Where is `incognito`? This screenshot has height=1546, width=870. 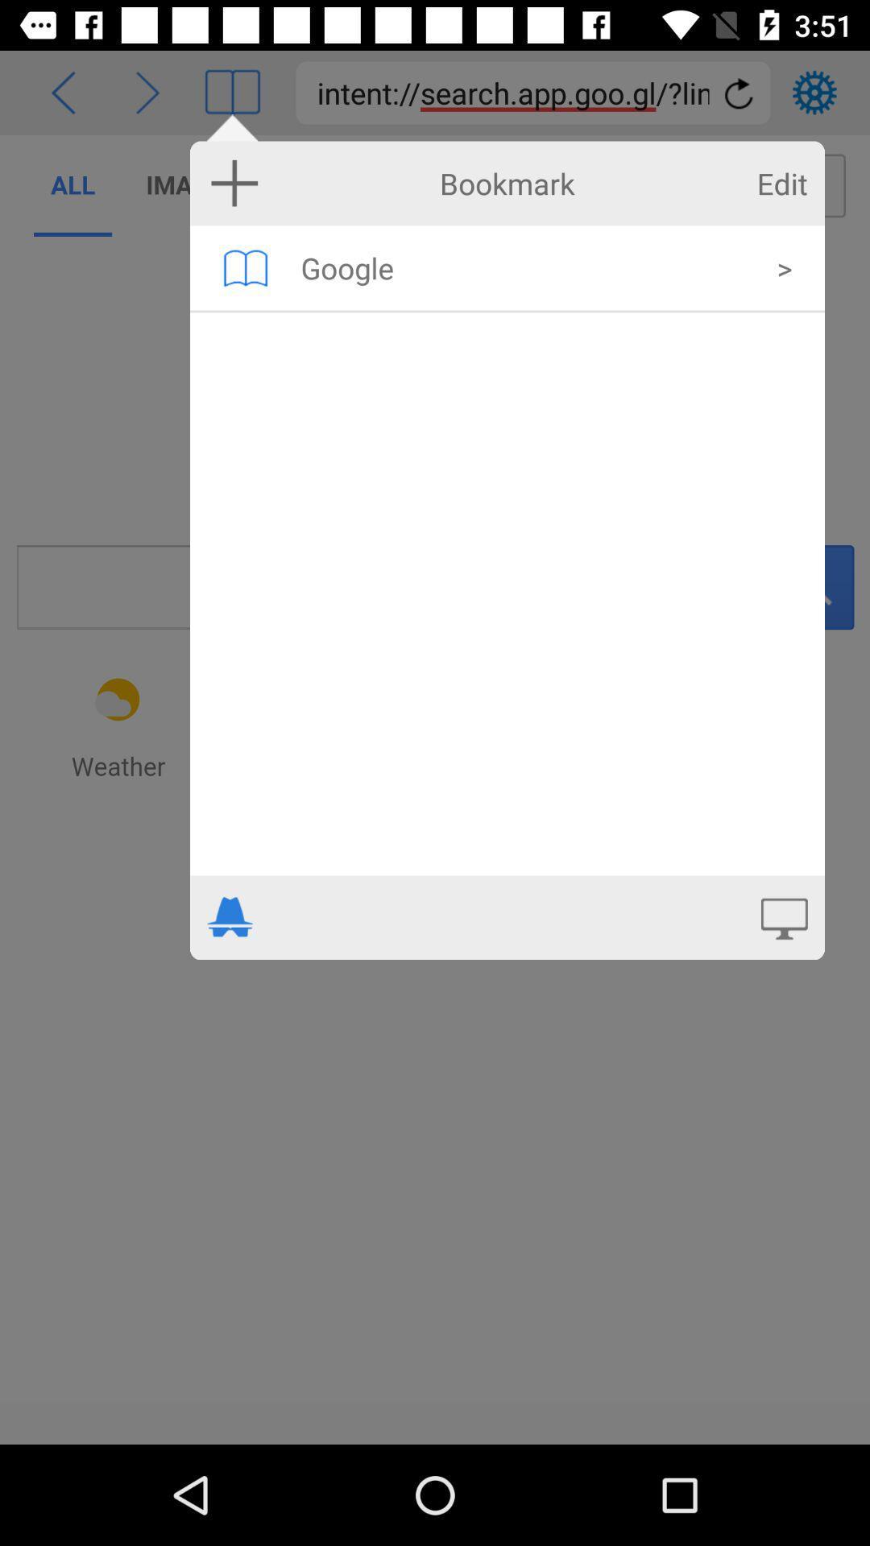
incognito is located at coordinates (230, 917).